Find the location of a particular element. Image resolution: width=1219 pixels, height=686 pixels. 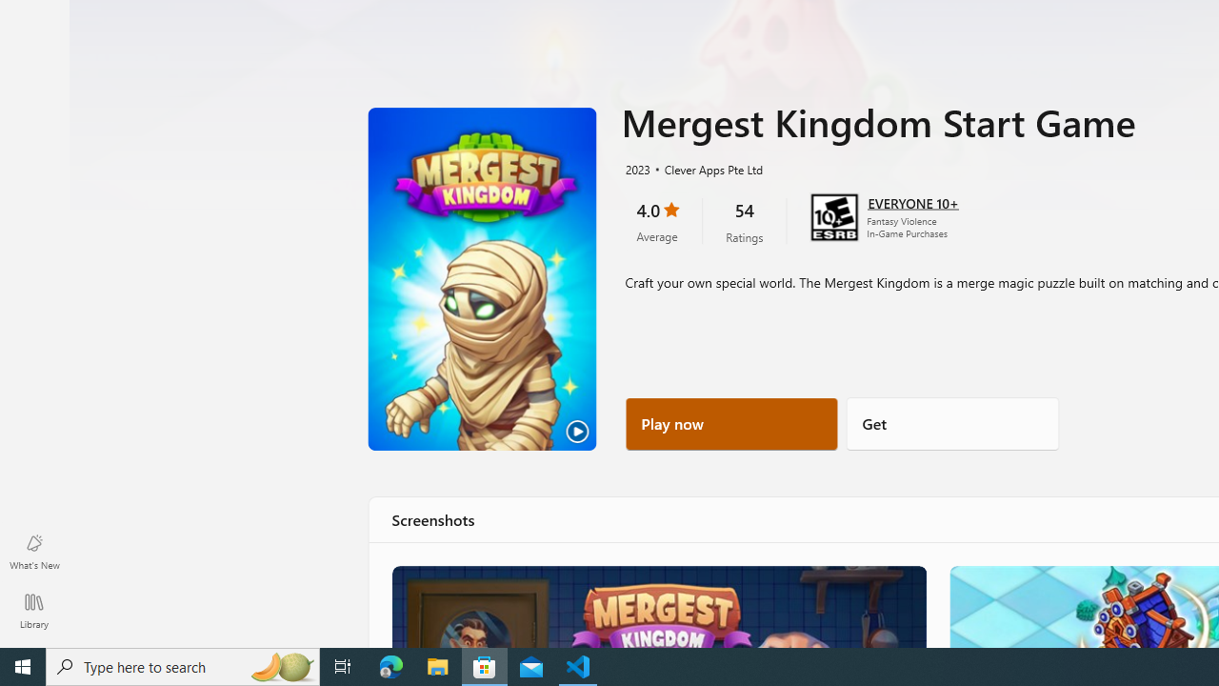

'Get' is located at coordinates (952, 422).